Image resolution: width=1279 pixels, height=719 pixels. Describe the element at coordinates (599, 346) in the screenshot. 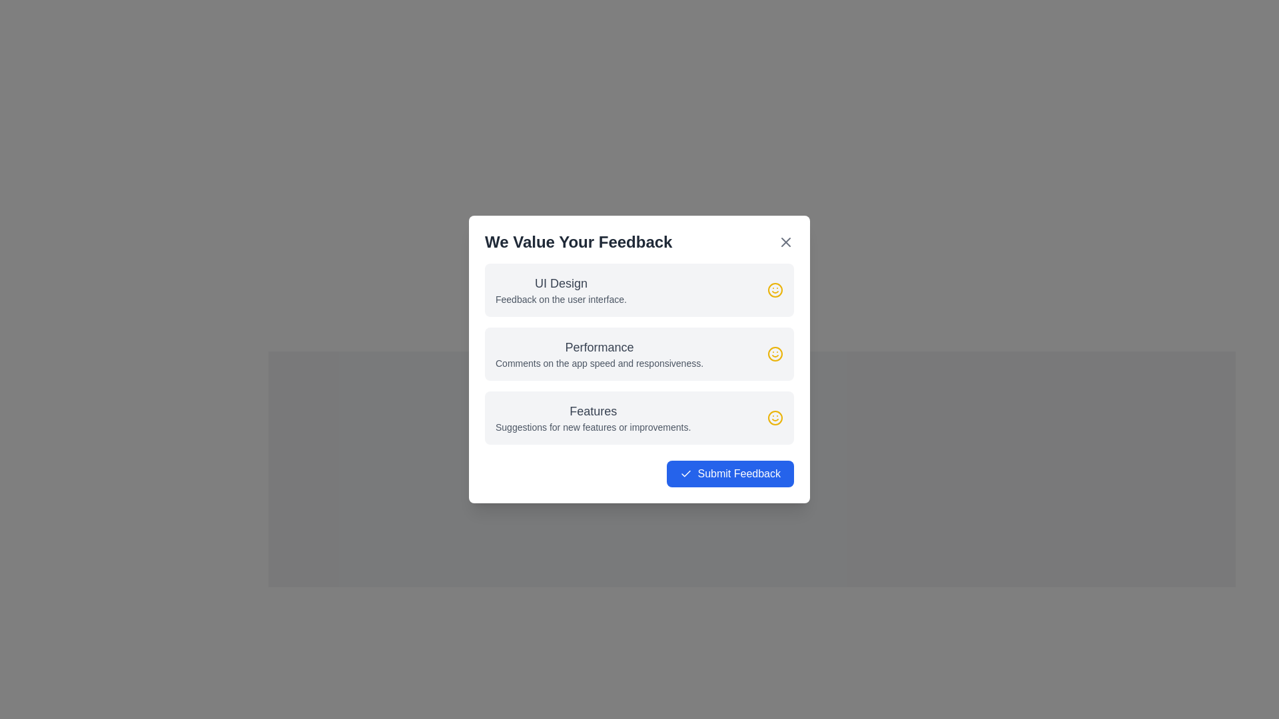

I see `the 'Performance' text label, which is displayed in a larger and bold font, dark gray color, and is located above the explanatory text in the feedback interface card` at that location.